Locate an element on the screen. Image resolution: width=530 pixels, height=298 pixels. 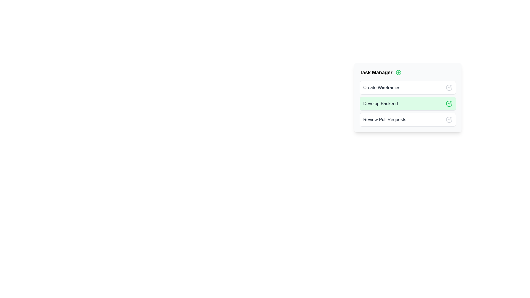
the checkbox styled button indicating the completion state for the task 'Develop Backend' is located at coordinates (449, 103).